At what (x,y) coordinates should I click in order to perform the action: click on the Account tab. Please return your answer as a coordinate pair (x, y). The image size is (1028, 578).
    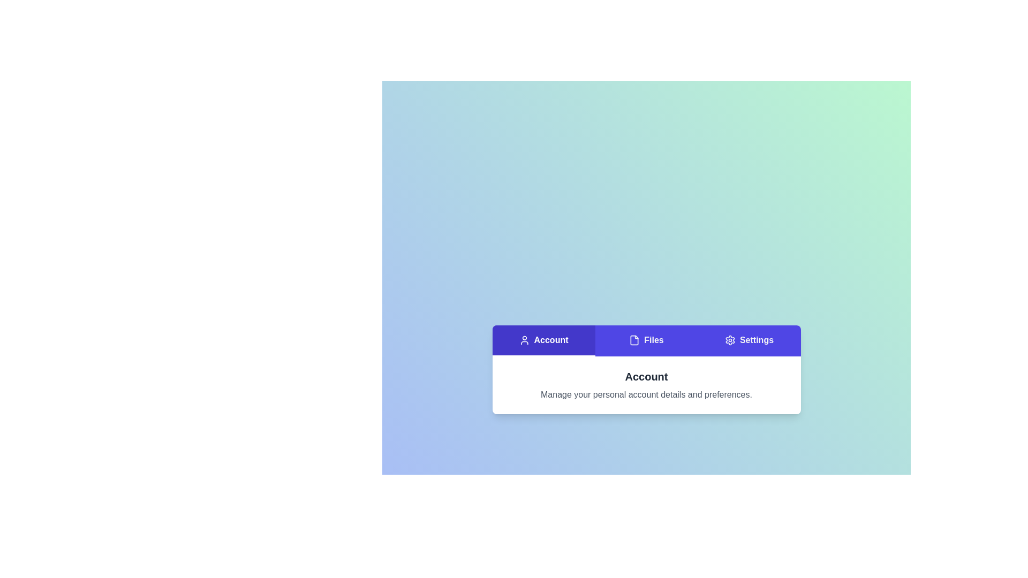
    Looking at the image, I should click on (543, 340).